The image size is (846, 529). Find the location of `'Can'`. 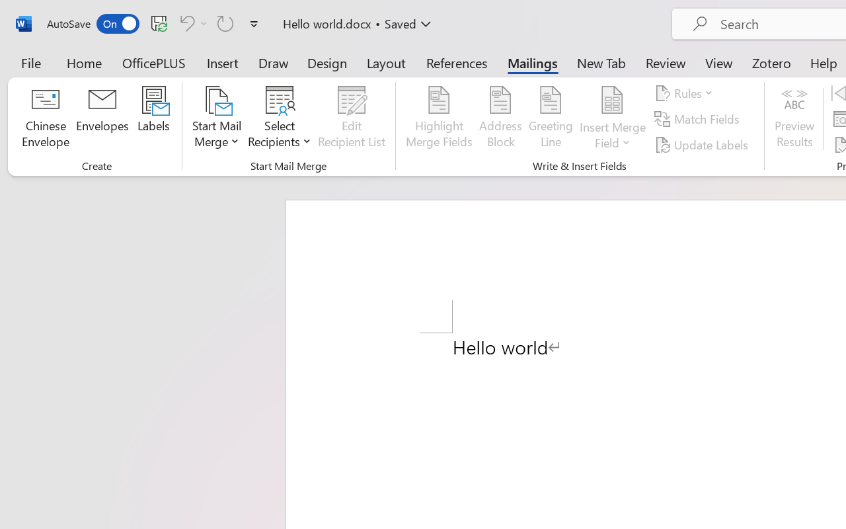

'Can' is located at coordinates (225, 22).